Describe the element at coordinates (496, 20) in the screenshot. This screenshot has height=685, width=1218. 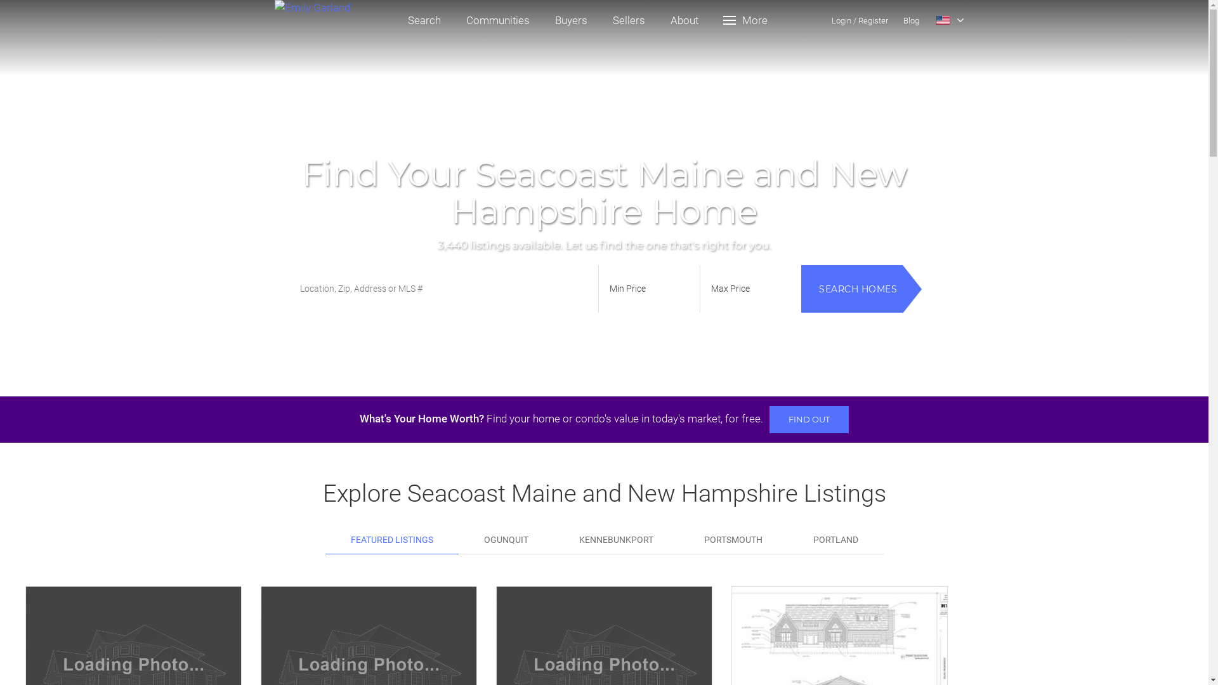
I see `'Communities'` at that location.